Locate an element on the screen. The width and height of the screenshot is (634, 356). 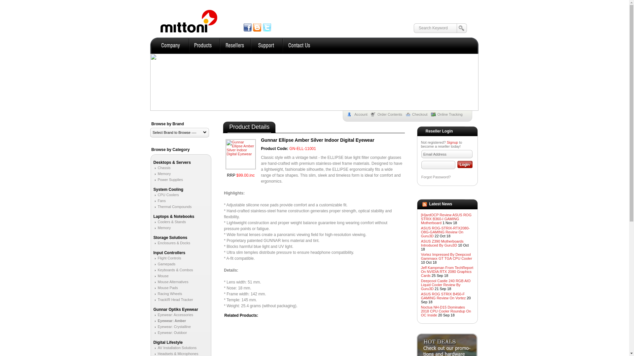
'Eyewear: Outdoor' is located at coordinates (170, 333).